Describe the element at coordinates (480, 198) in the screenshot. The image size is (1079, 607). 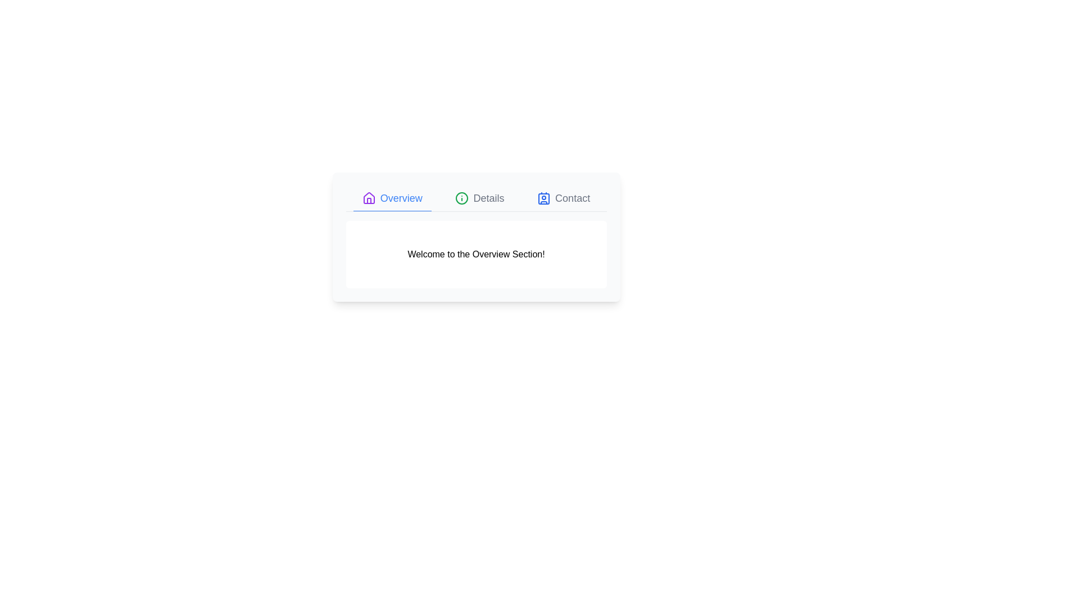
I see `the Details tab to switch to its content` at that location.